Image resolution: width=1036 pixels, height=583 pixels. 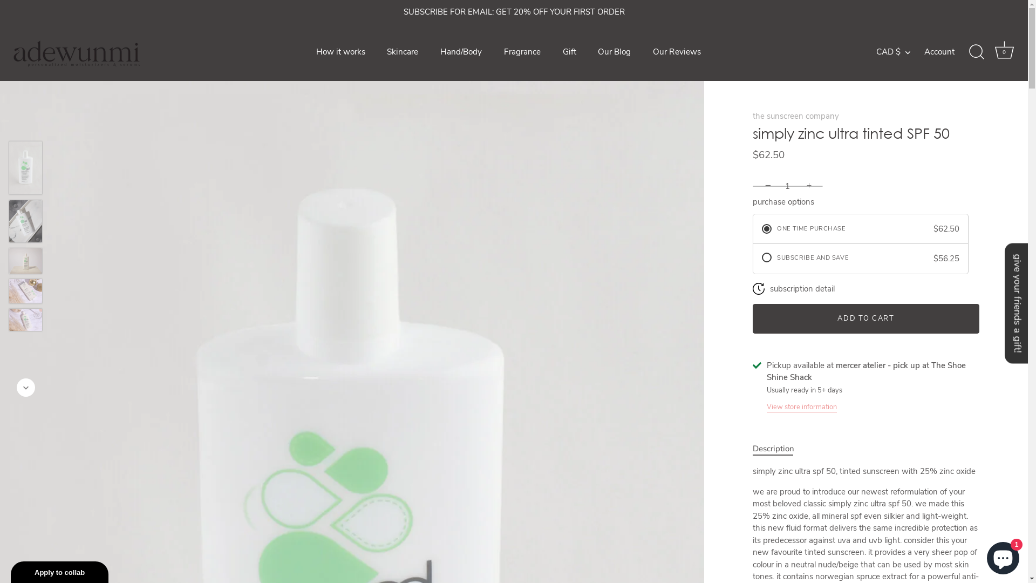 I want to click on 'Our Reviews', so click(x=643, y=52).